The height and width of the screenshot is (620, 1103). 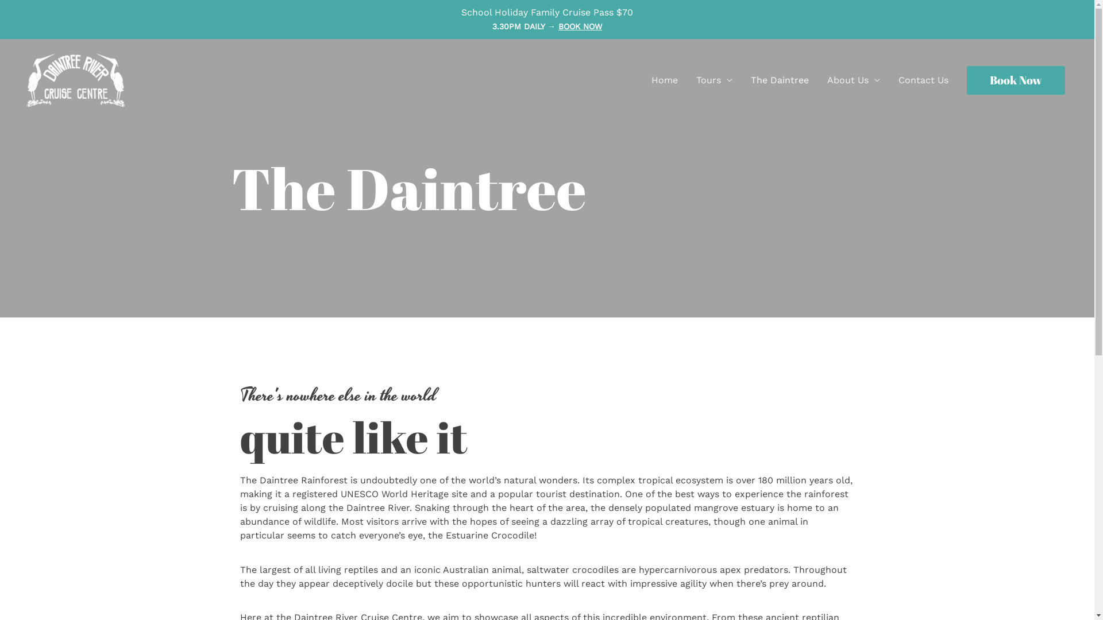 What do you see at coordinates (687, 79) in the screenshot?
I see `'Tours'` at bounding box center [687, 79].